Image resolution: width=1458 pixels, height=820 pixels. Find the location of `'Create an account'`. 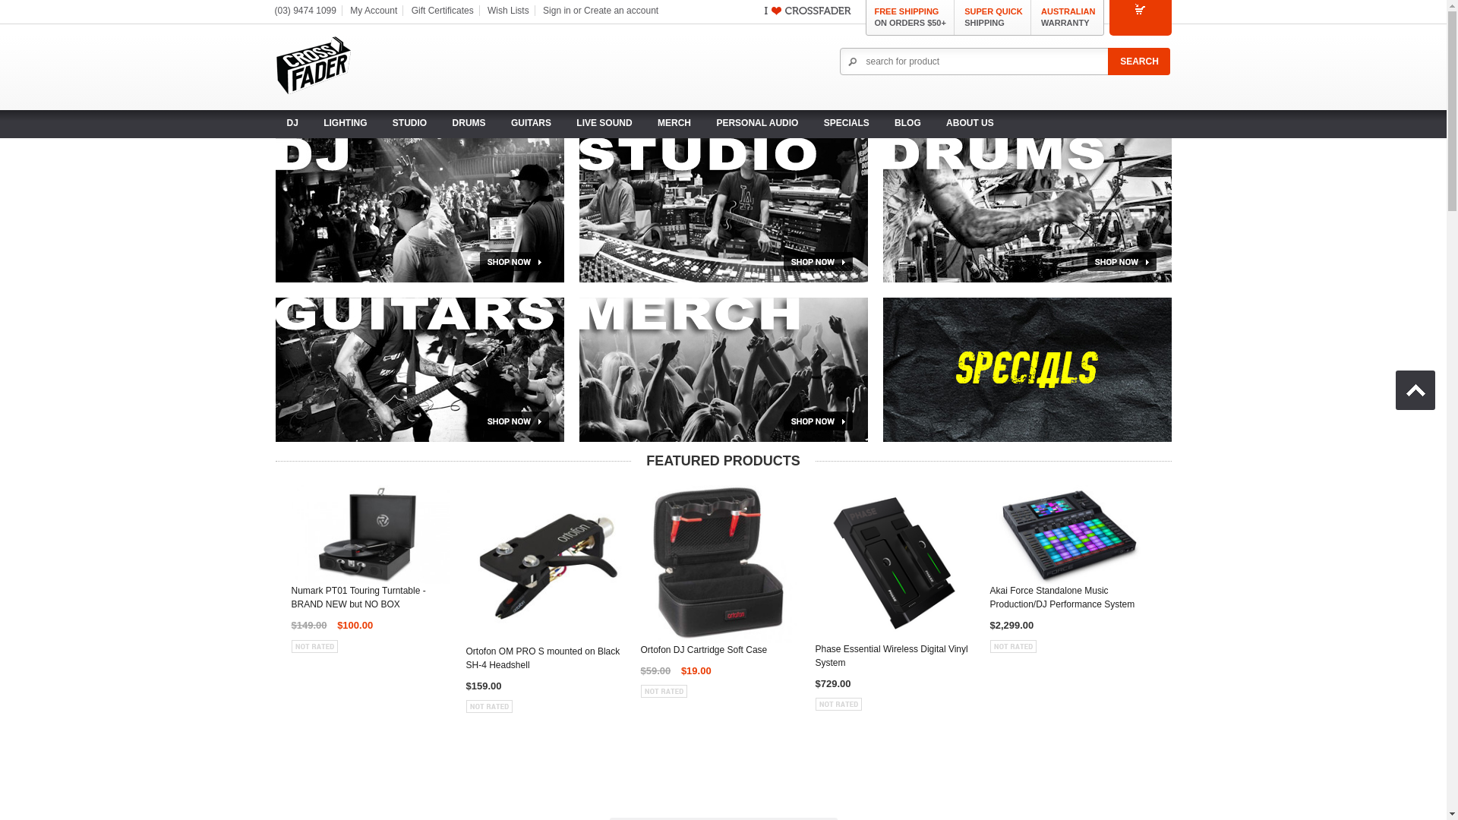

'Create an account' is located at coordinates (620, 11).